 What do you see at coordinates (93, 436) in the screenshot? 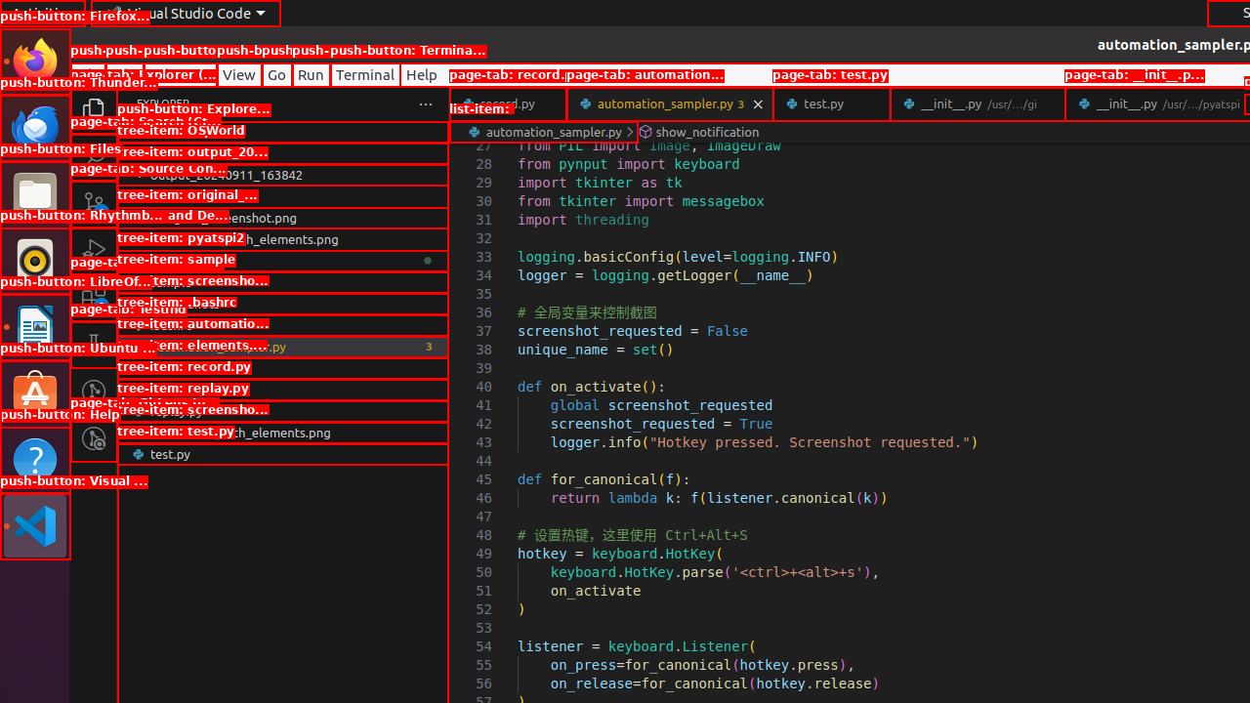
I see `'GitLens Inspect'` at bounding box center [93, 436].